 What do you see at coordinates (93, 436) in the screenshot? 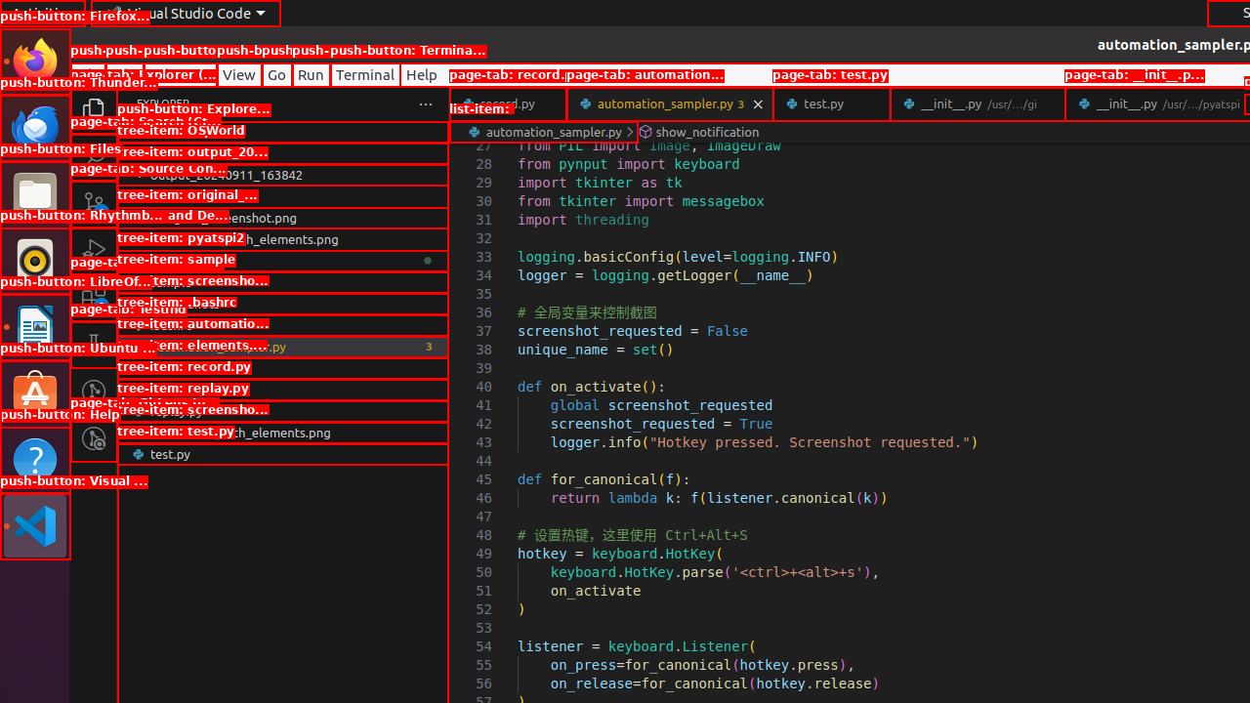
I see `'GitLens Inspect'` at bounding box center [93, 436].